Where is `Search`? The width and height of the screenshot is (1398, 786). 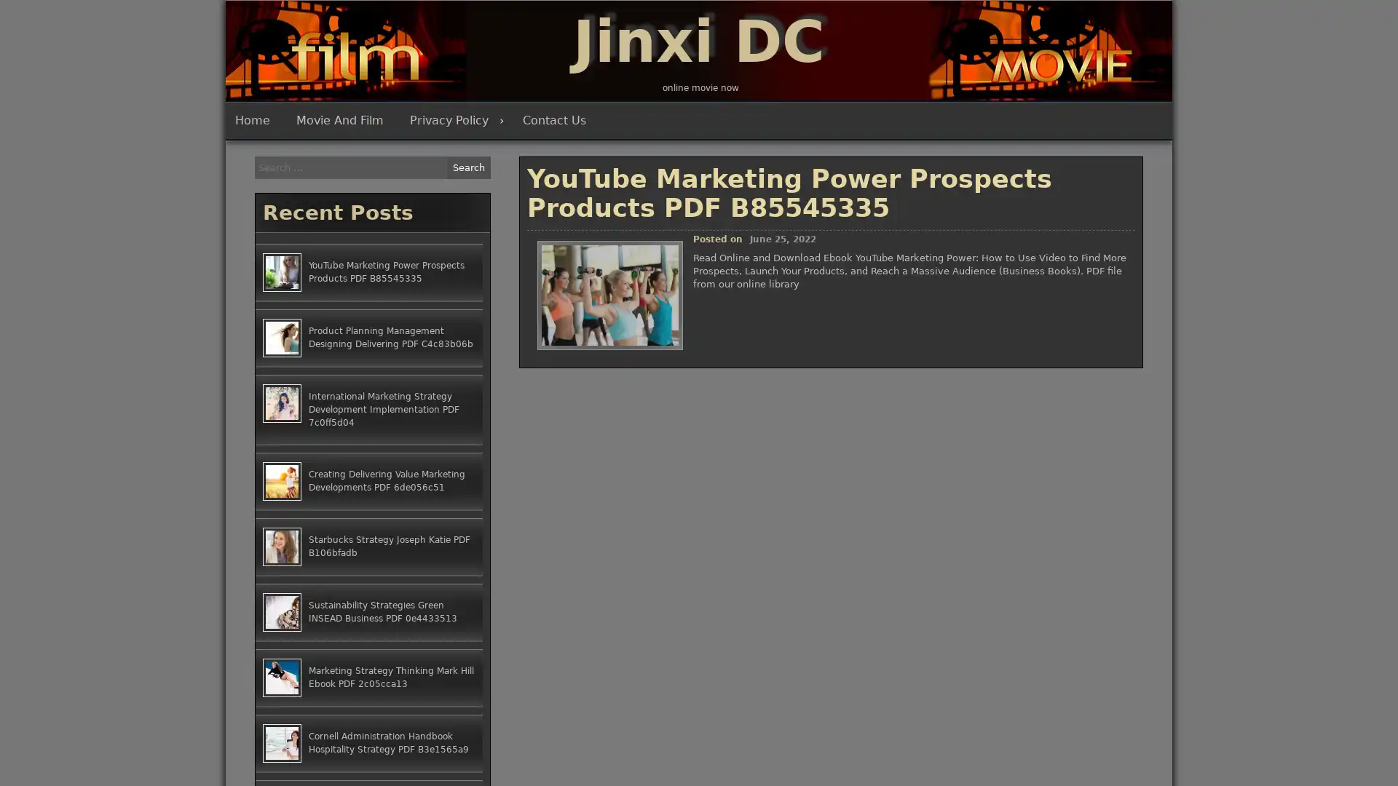
Search is located at coordinates (468, 167).